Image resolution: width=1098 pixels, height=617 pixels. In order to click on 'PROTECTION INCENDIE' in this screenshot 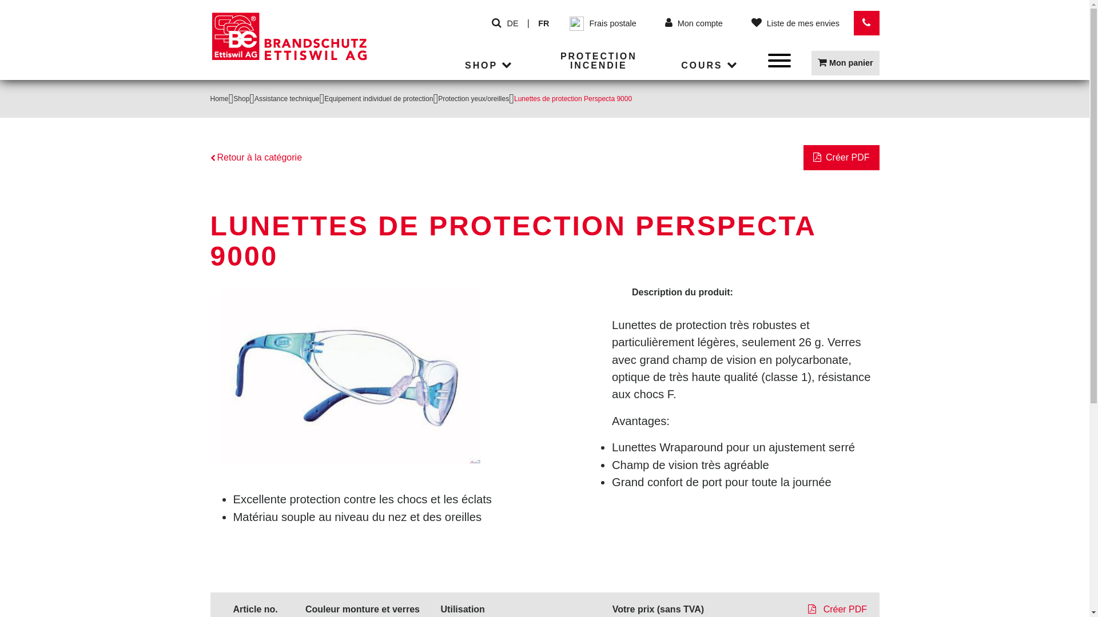, I will do `click(598, 62)`.